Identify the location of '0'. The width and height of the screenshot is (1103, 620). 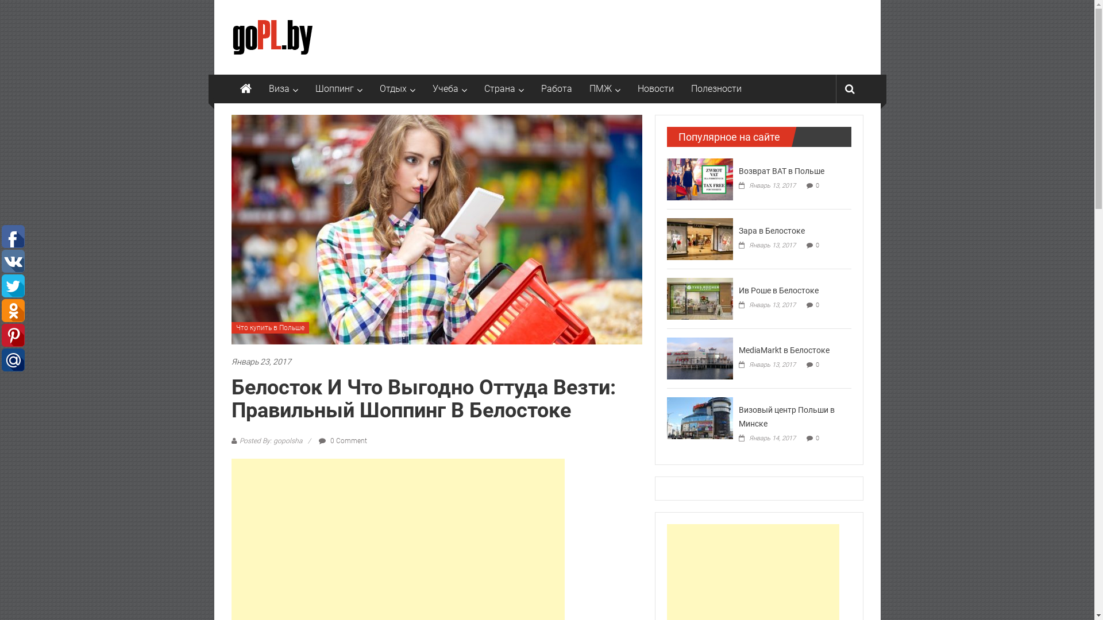
(816, 185).